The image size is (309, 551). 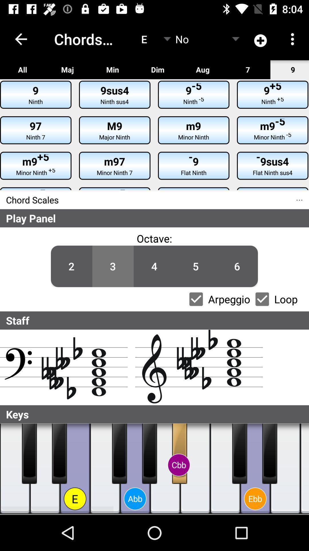 I want to click on e, so click(x=285, y=469).